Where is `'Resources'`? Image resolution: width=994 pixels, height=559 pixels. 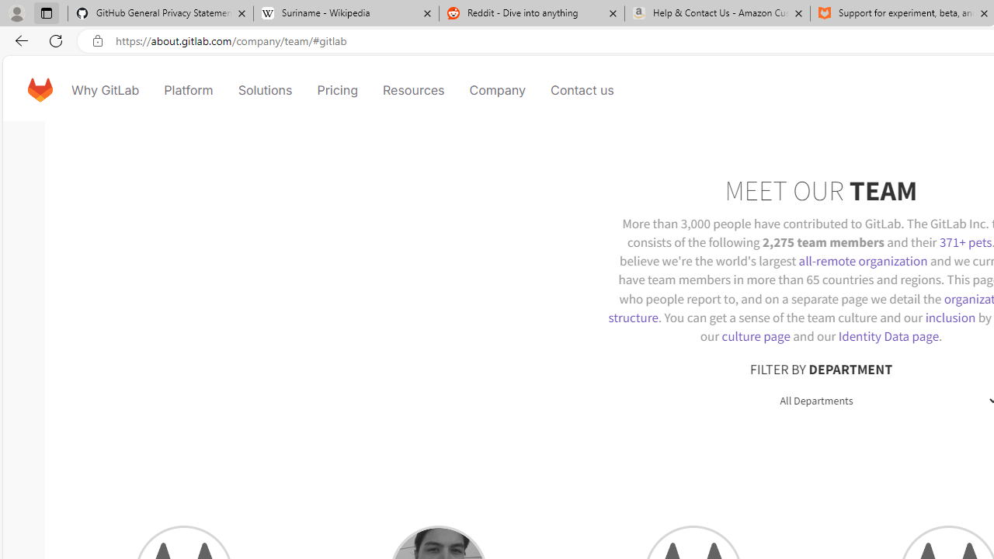
'Resources' is located at coordinates (413, 89).